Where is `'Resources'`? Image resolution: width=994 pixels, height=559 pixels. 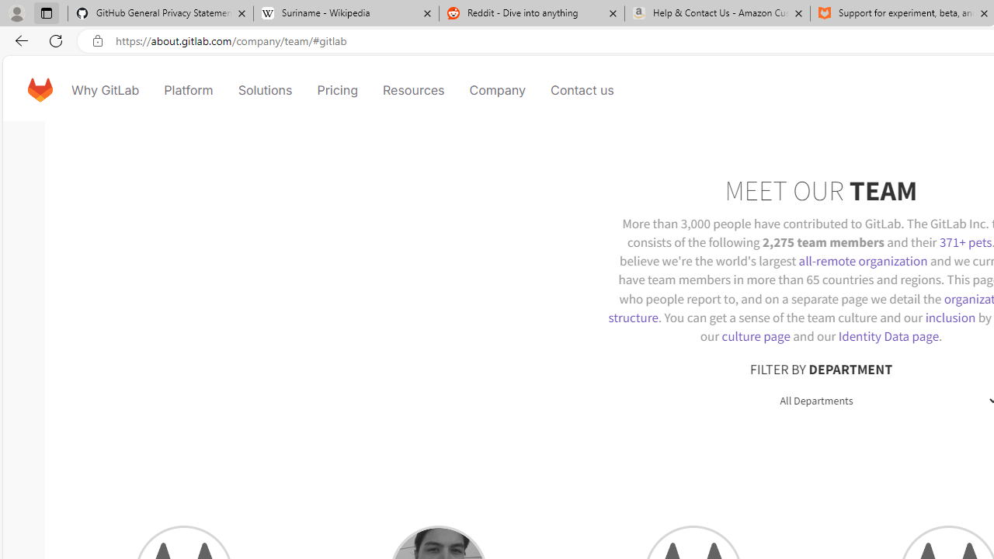
'Resources' is located at coordinates (413, 89).